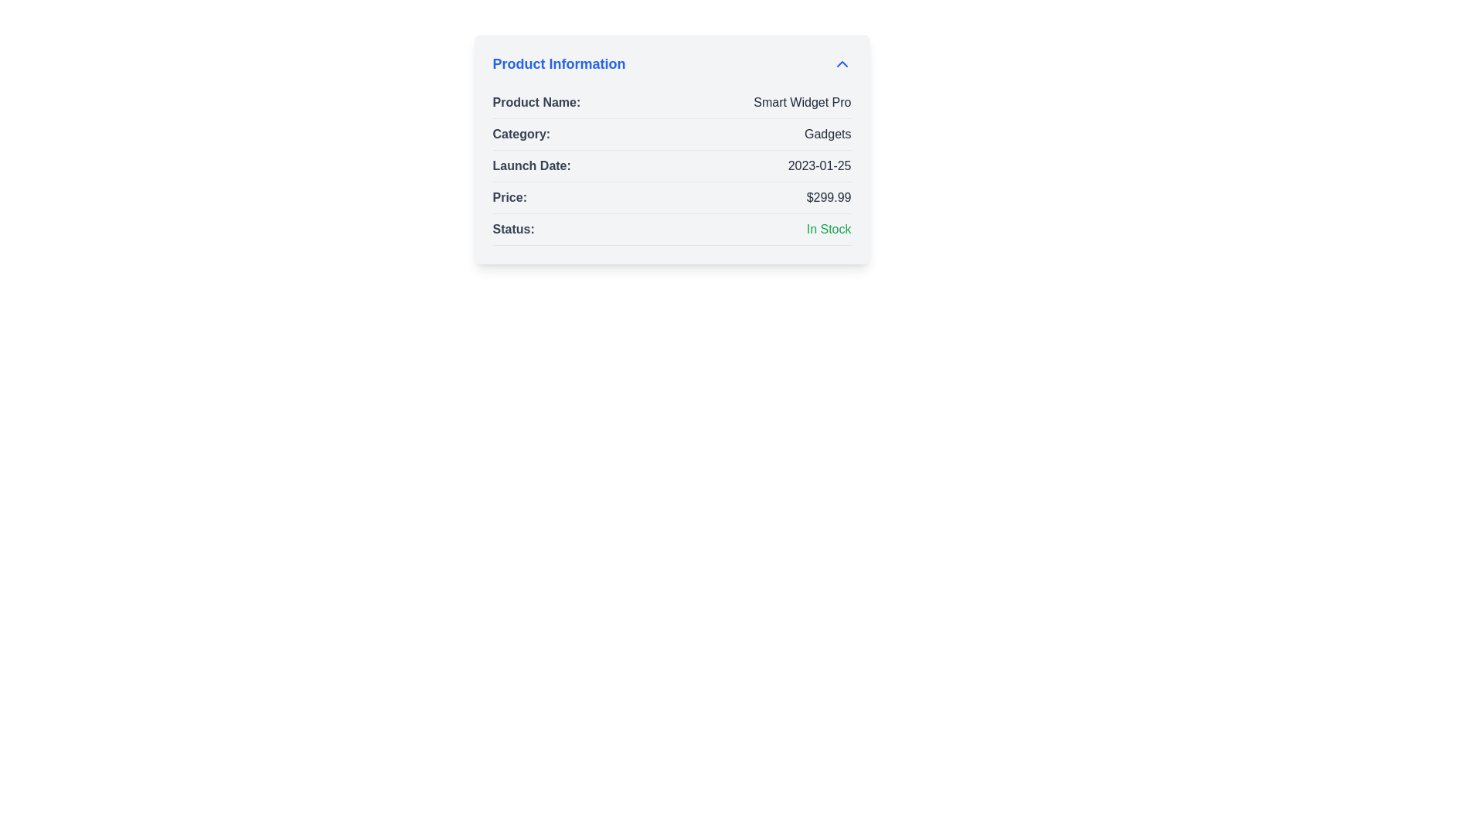 The image size is (1484, 835). What do you see at coordinates (827, 133) in the screenshot?
I see `the 'Gadgets' text label, which is displayed in dark gray font as part of the product information section, located to the right of the 'Category:' label` at bounding box center [827, 133].